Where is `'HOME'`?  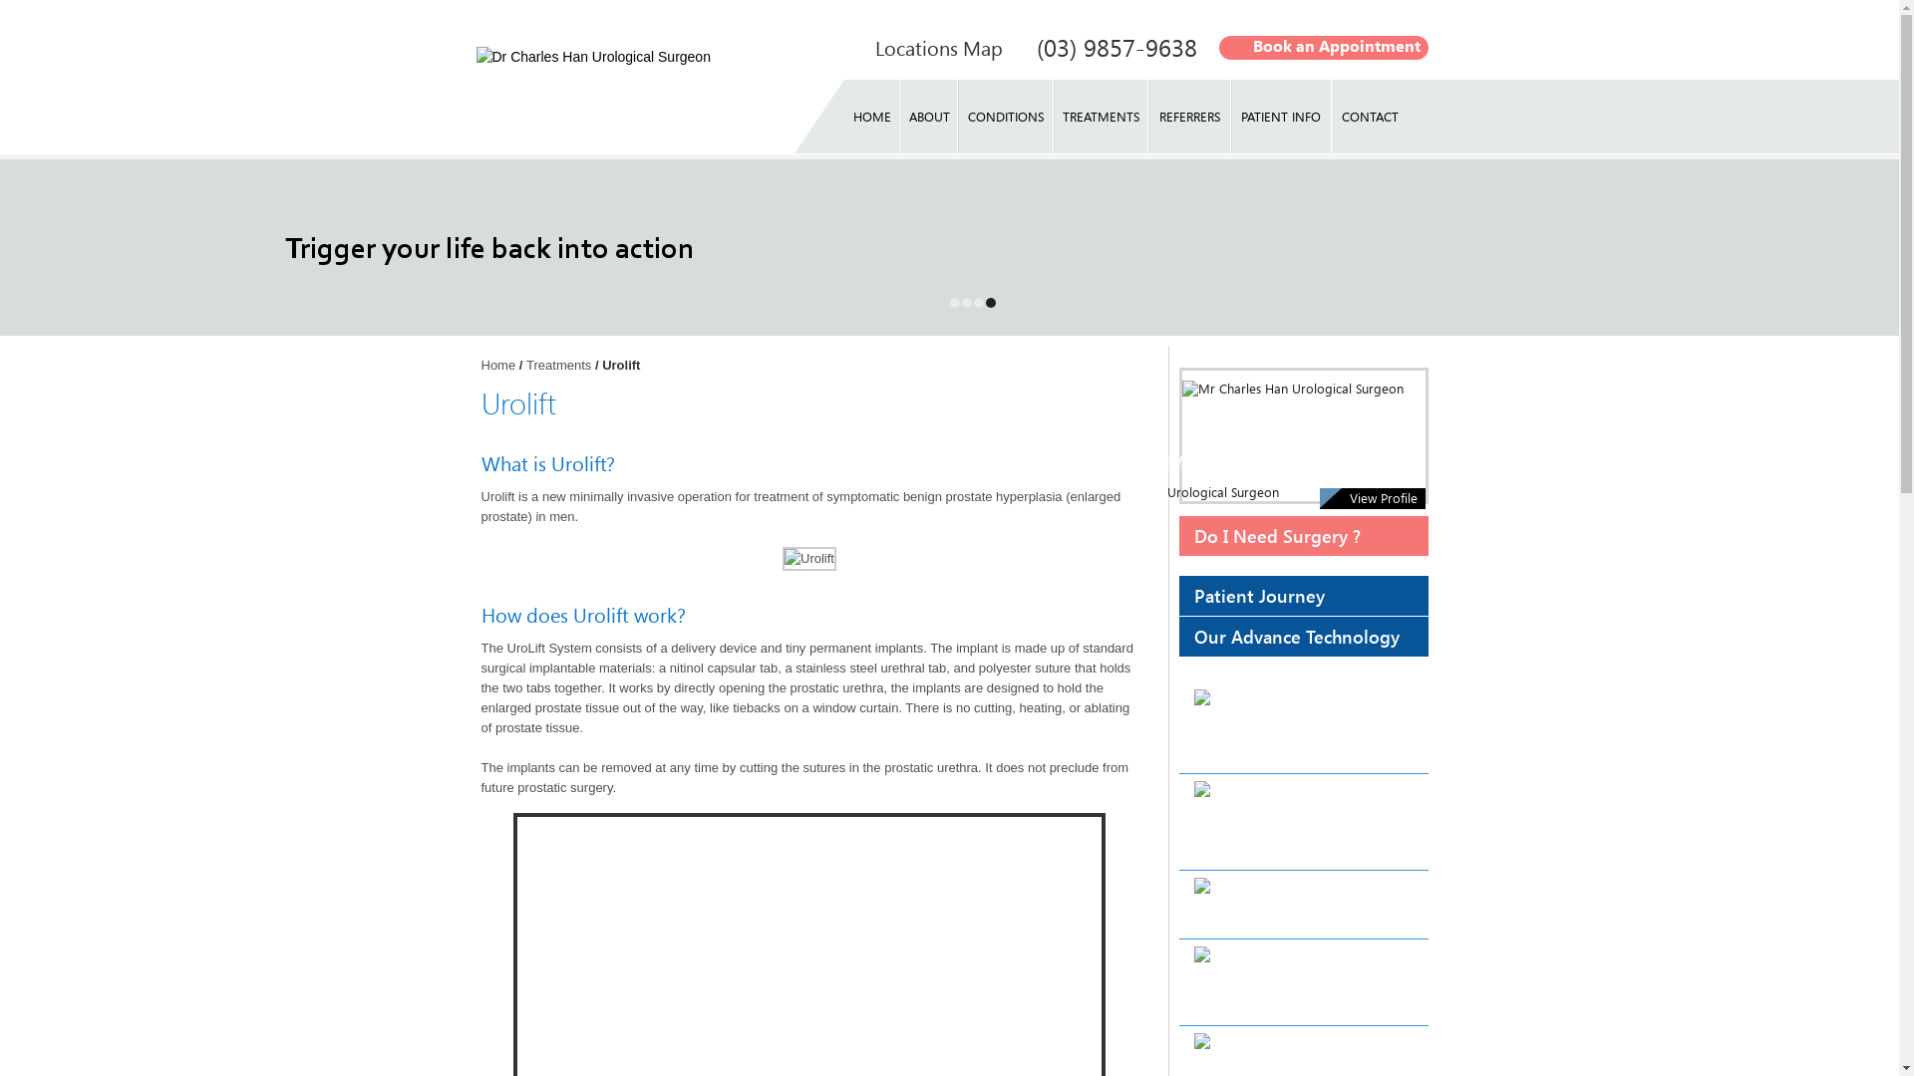
'HOME' is located at coordinates (843, 116).